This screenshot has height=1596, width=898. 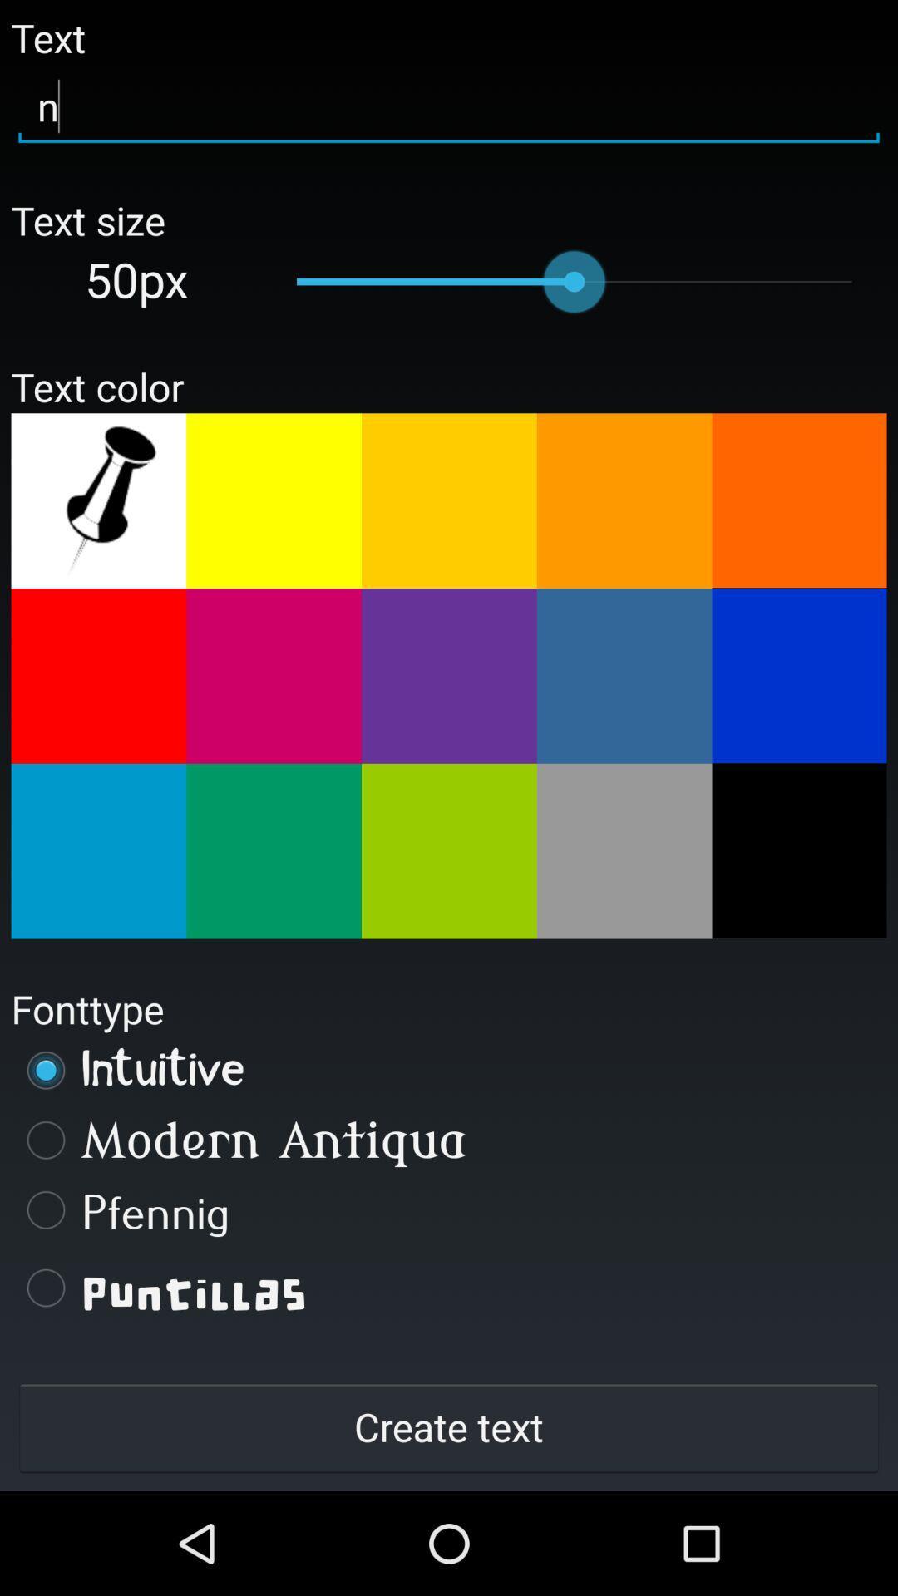 I want to click on change the color, so click(x=798, y=850).